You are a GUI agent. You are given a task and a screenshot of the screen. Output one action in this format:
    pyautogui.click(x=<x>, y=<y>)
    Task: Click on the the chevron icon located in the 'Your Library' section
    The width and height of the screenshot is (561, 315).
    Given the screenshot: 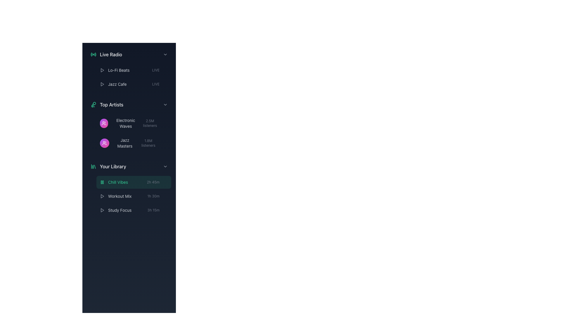 What is the action you would take?
    pyautogui.click(x=165, y=166)
    